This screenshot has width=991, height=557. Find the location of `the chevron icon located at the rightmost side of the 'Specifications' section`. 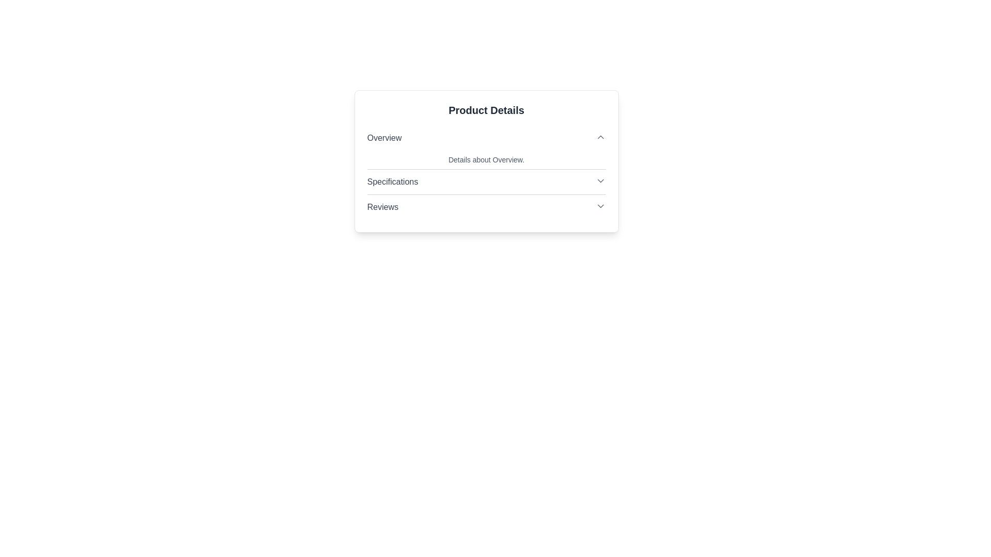

the chevron icon located at the rightmost side of the 'Specifications' section is located at coordinates (600, 181).